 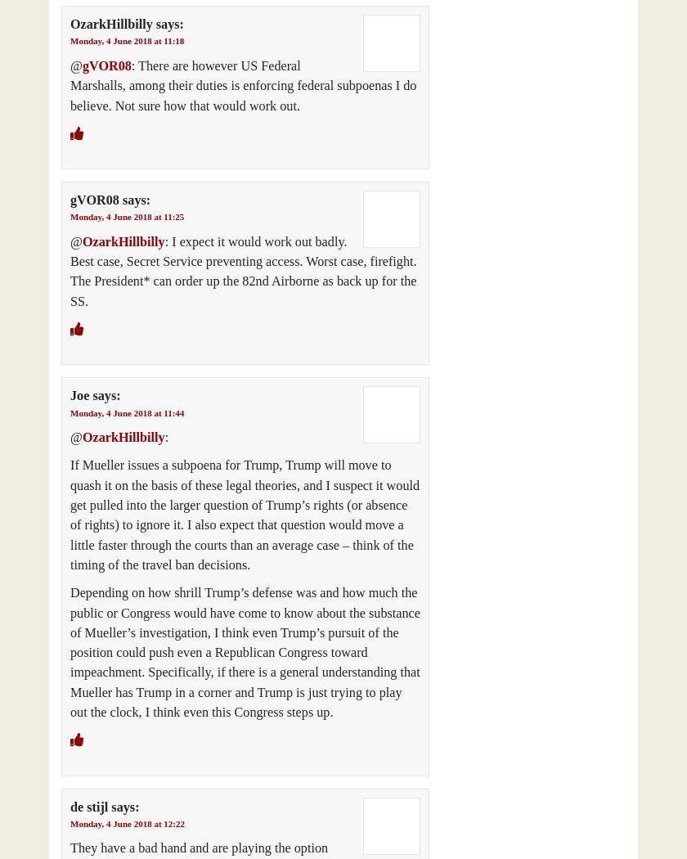 What do you see at coordinates (245, 652) in the screenshot?
I see `'Depending on how shrill Trump’s defense was and how much the public or Congress would have come to know about the substance of Mueller’s investigation, I think even Trump’s pursuit of the position could push even a Republican Congress toward impeachment.  Specifically, if there is a general understanding that Mueller has Trump in a corner and Trump is just trying to play out the clock, I think even this Congress steps up.'` at bounding box center [245, 652].